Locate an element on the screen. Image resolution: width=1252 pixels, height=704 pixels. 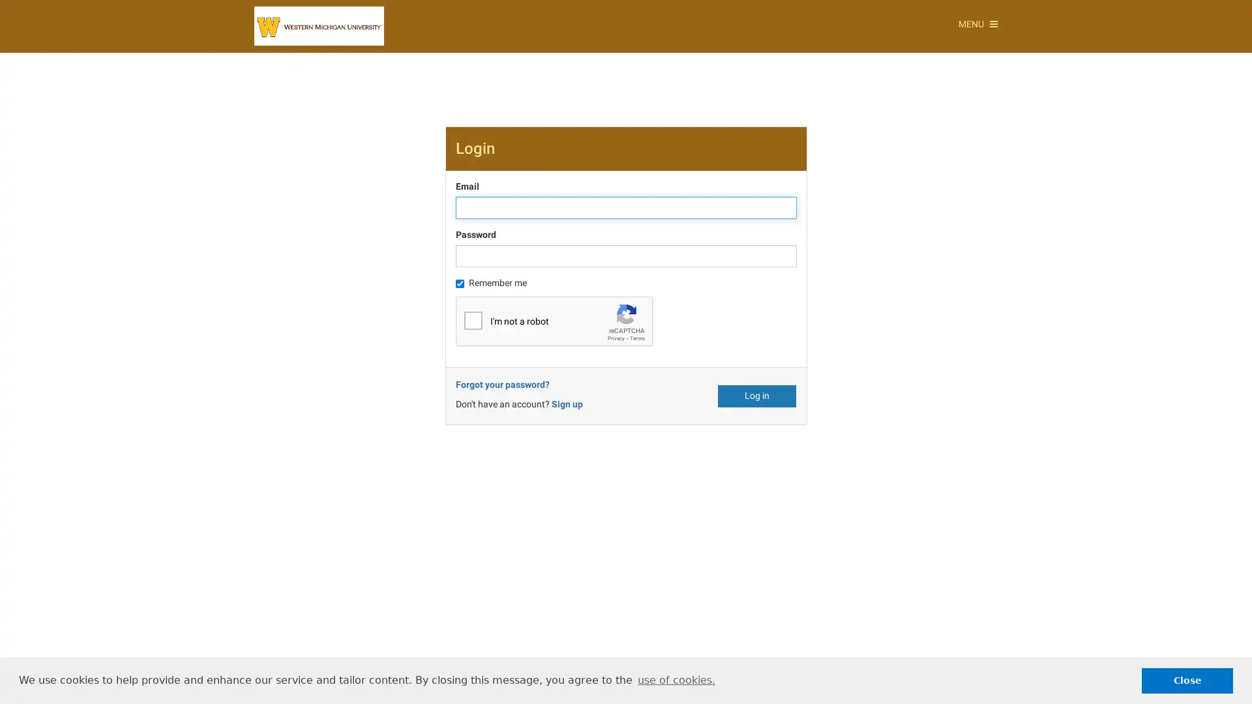
dismiss cookie message is located at coordinates (1187, 680).